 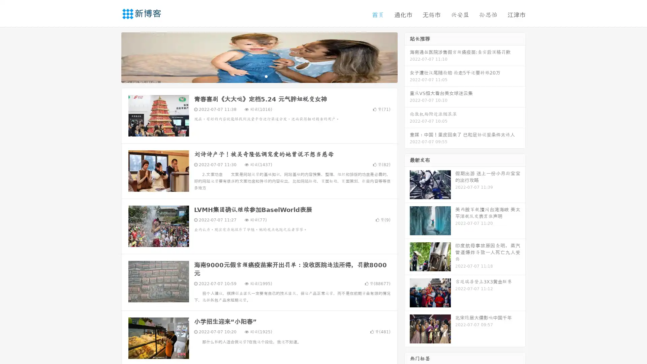 I want to click on Next slide, so click(x=407, y=57).